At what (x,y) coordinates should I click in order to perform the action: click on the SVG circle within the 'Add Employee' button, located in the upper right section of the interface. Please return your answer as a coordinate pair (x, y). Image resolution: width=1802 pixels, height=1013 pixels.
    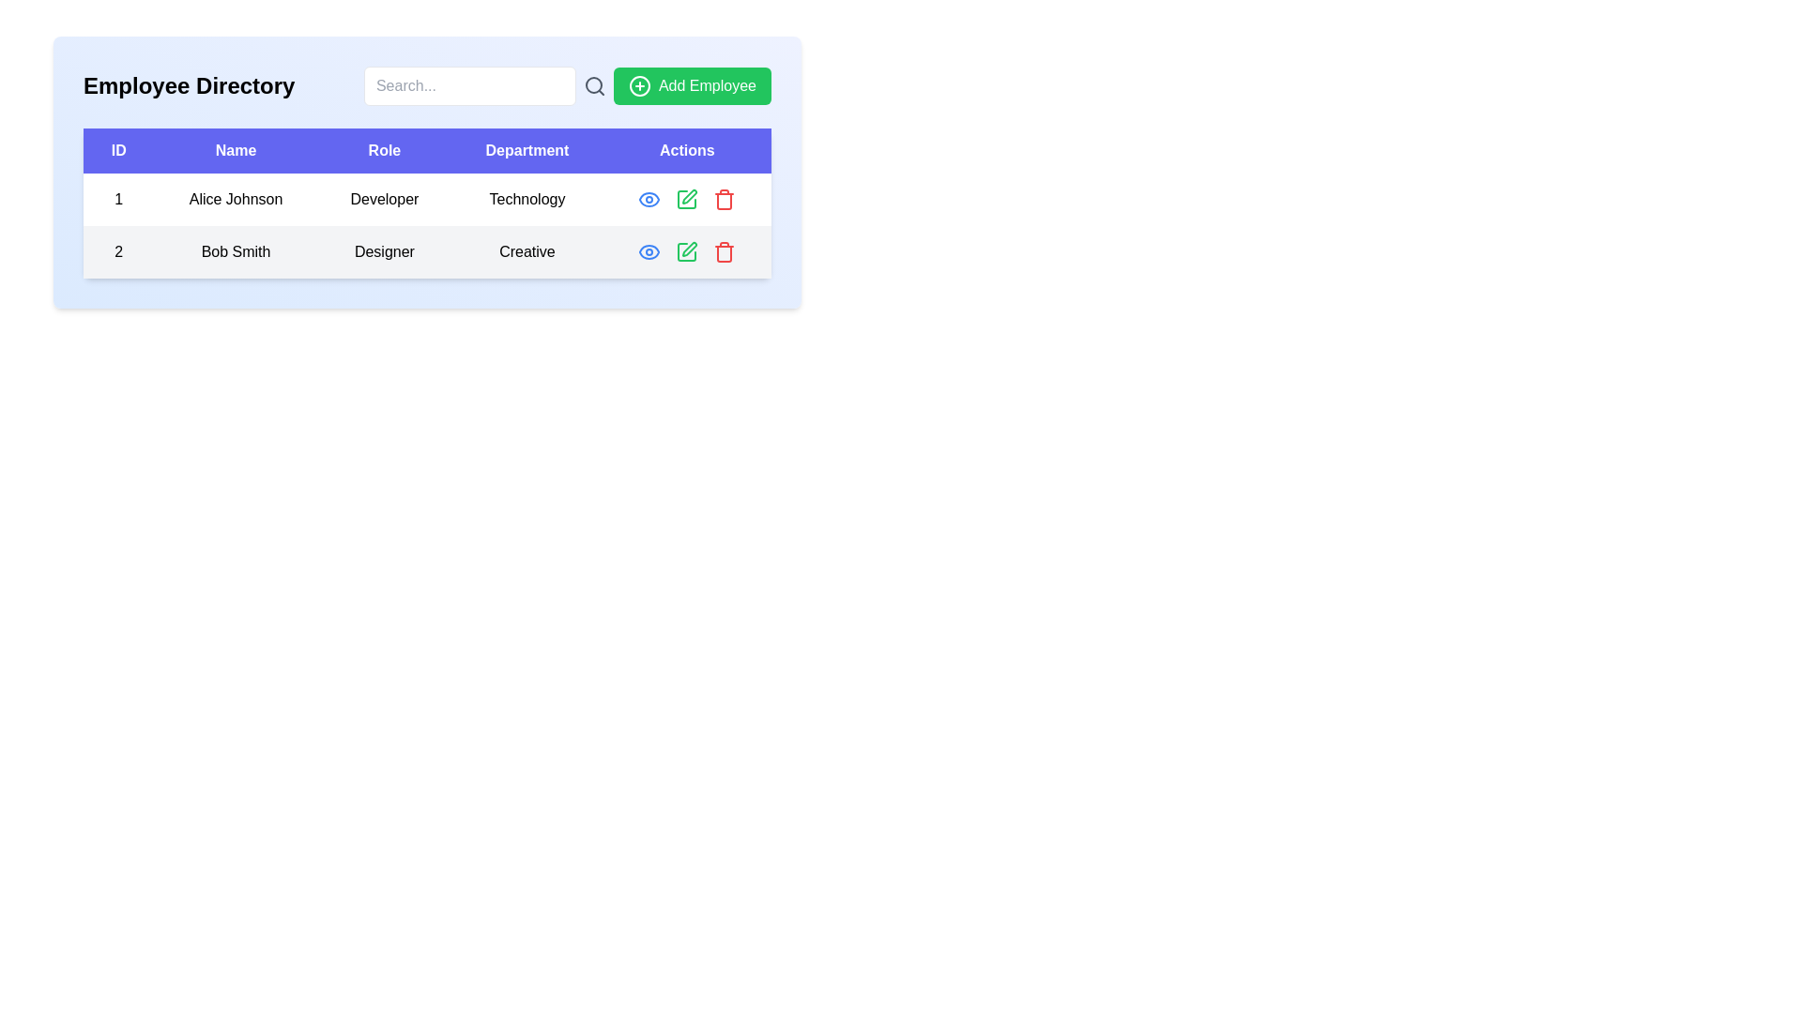
    Looking at the image, I should click on (639, 86).